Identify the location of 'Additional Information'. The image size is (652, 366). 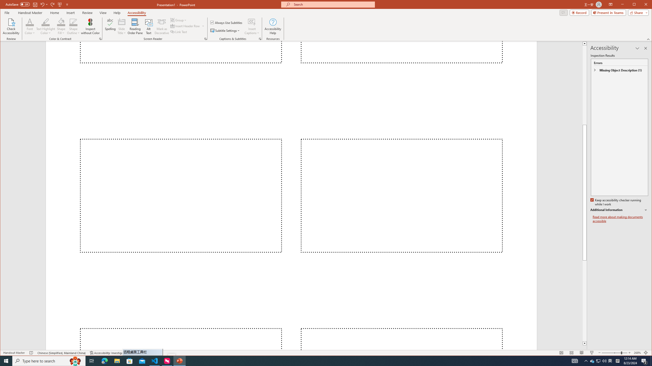
(619, 210).